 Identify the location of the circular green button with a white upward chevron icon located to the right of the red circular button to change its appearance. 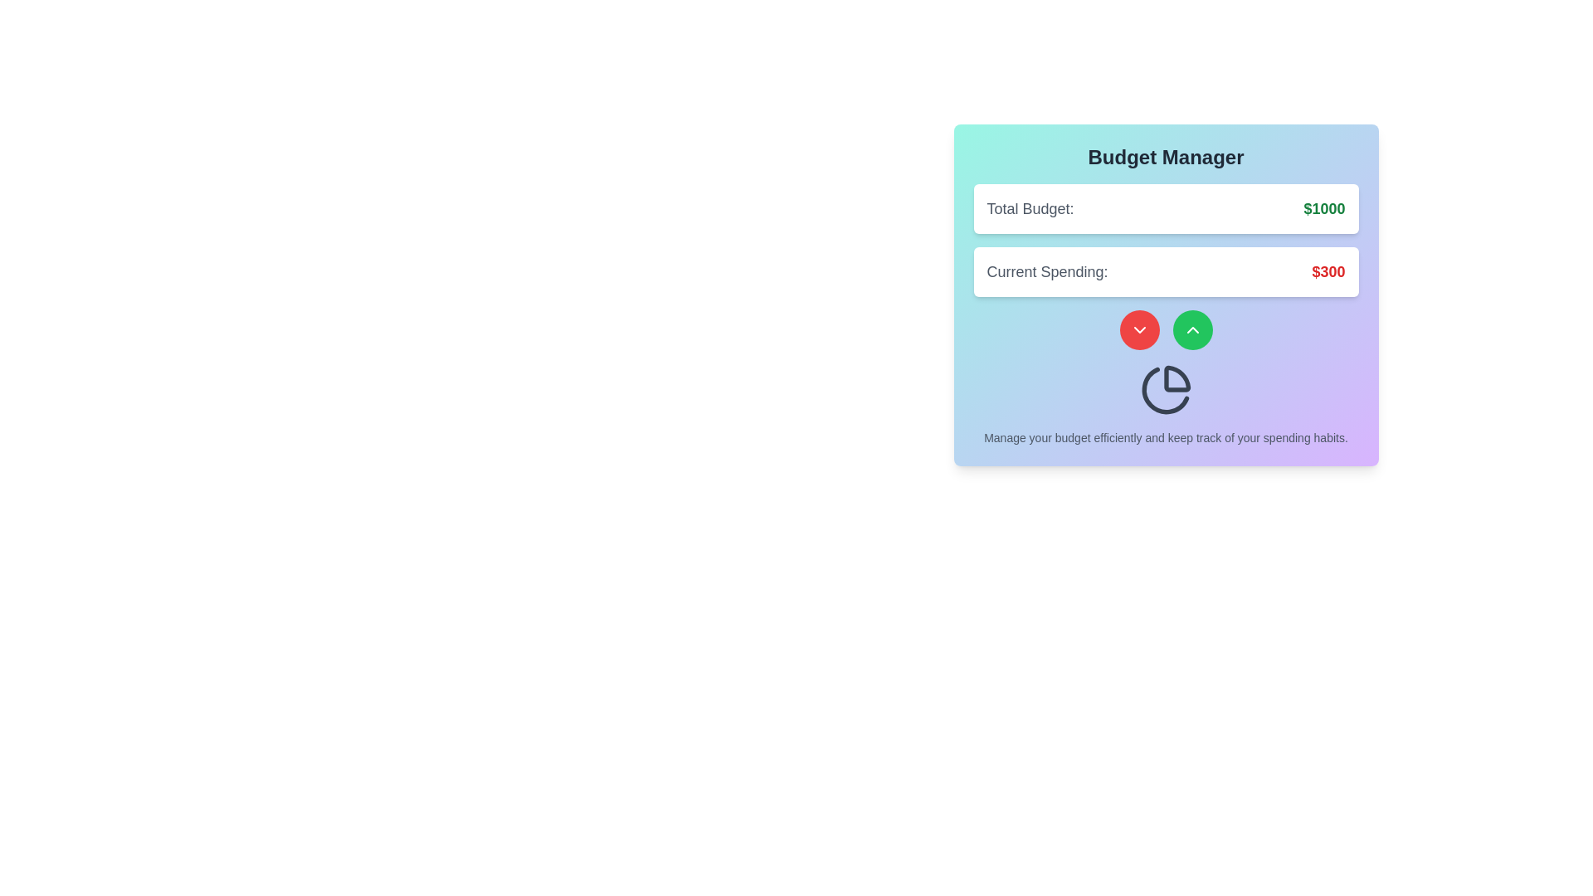
(1191, 329).